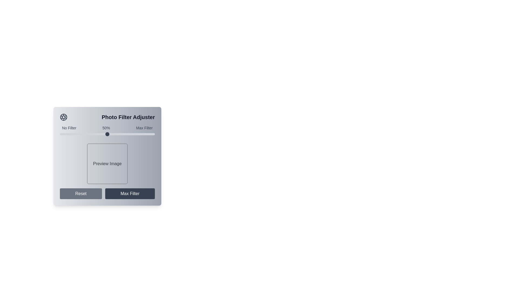 The width and height of the screenshot is (518, 291). Describe the element at coordinates (128, 117) in the screenshot. I see `the text label that reads 'Photo Filter Adjuster', which is styled in bold and colored dark gray, located at the top section of the interface` at that location.